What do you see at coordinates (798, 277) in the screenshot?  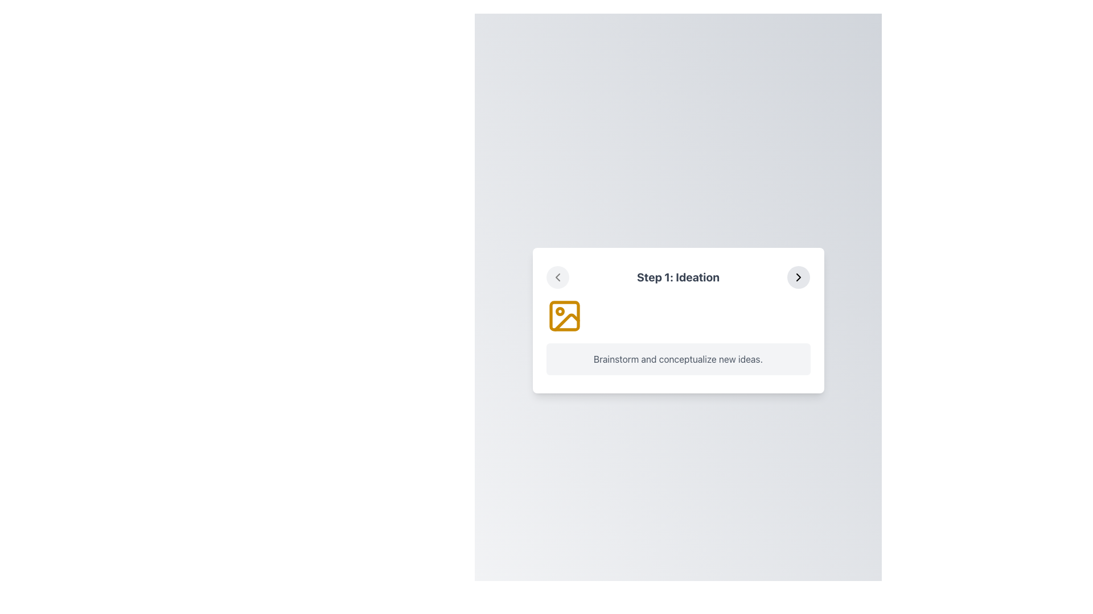 I see `the chevron icon button located in the top-right corner of the 'Step 1: Ideation' card` at bounding box center [798, 277].